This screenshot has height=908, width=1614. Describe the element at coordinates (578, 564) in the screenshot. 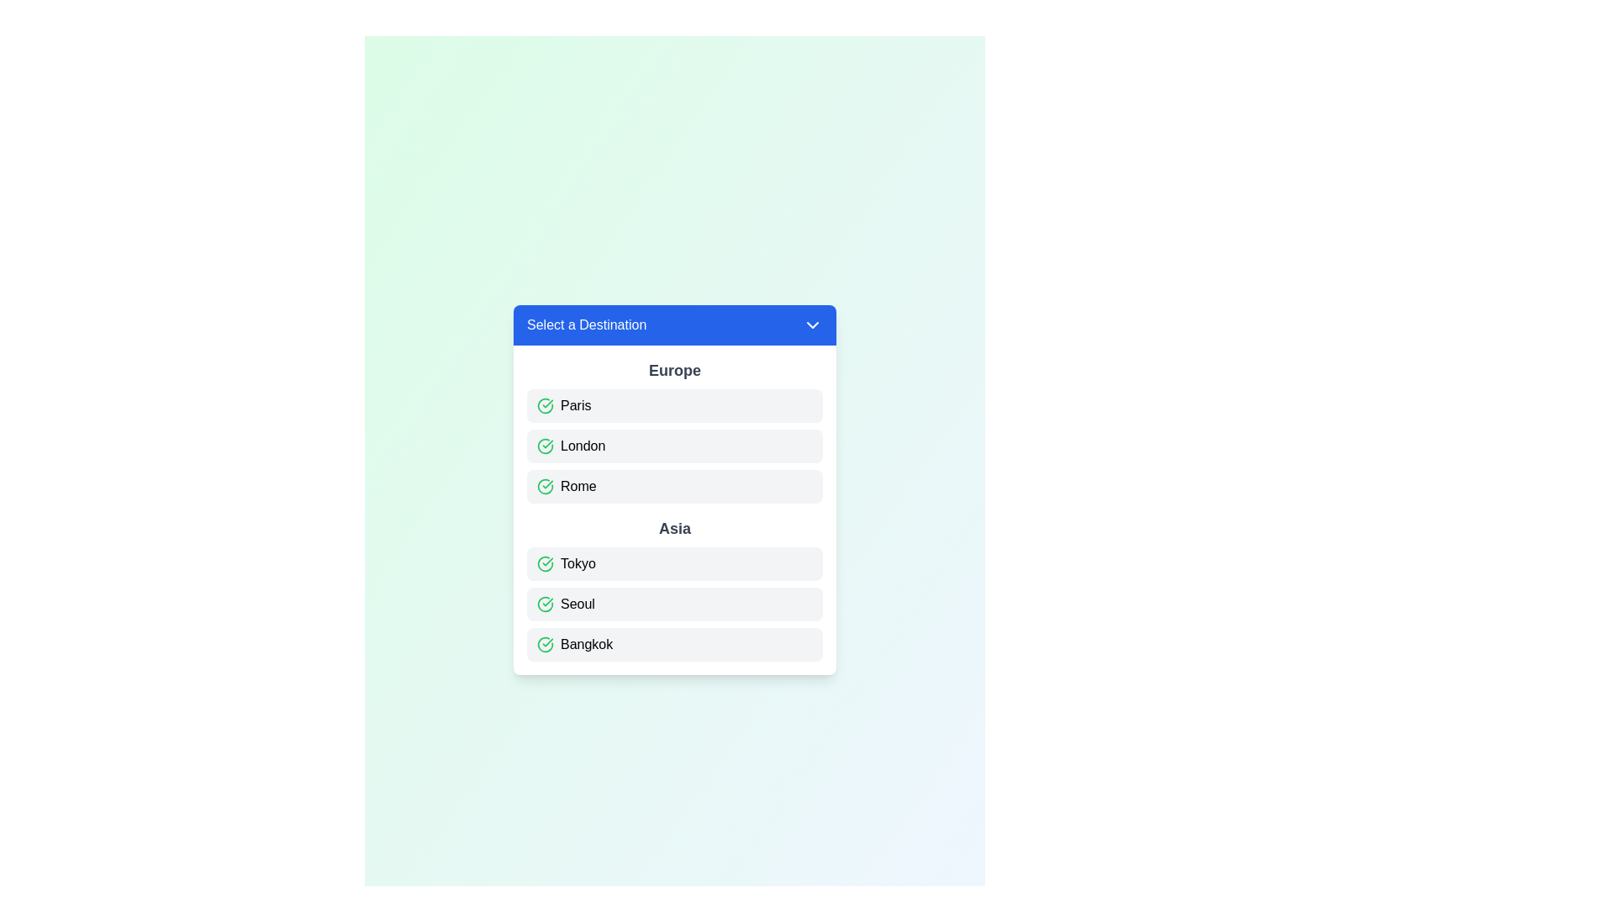

I see `the 'Tokyo' text label, which is part of the selectable destinations under the 'Asia' category` at that location.